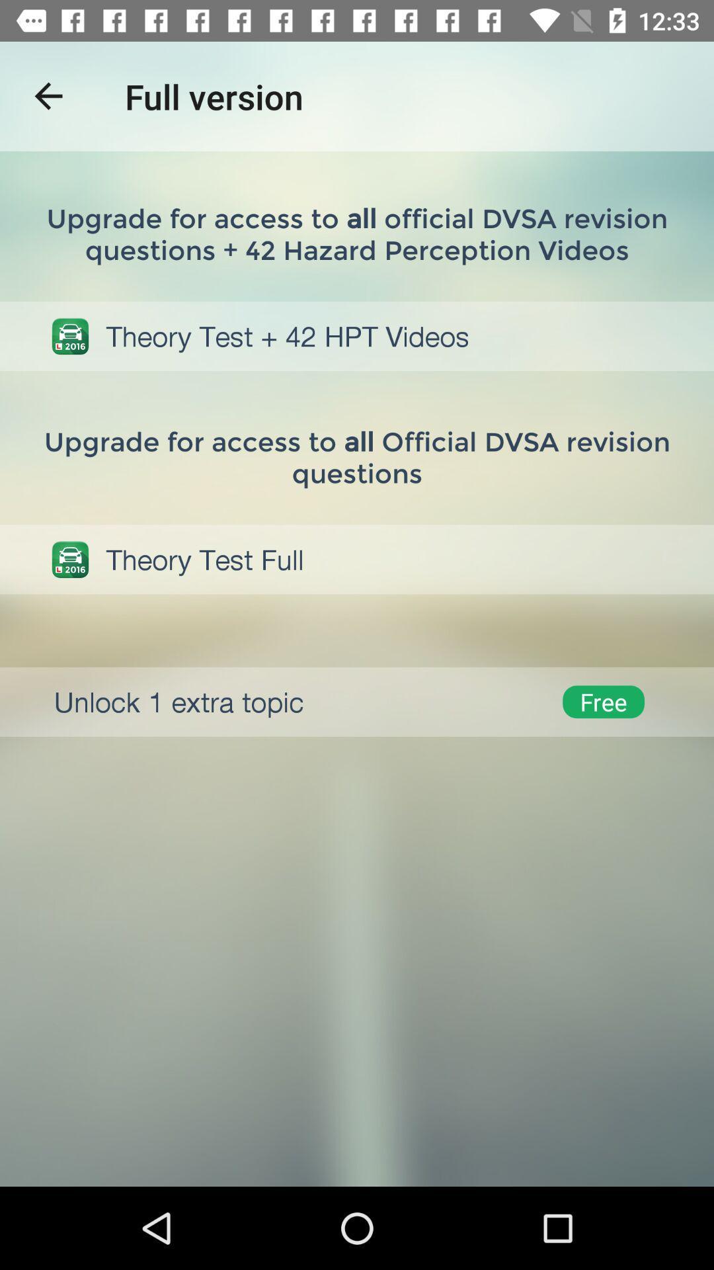 The width and height of the screenshot is (714, 1270). Describe the element at coordinates (48, 95) in the screenshot. I see `the item above the upgrade for access icon` at that location.